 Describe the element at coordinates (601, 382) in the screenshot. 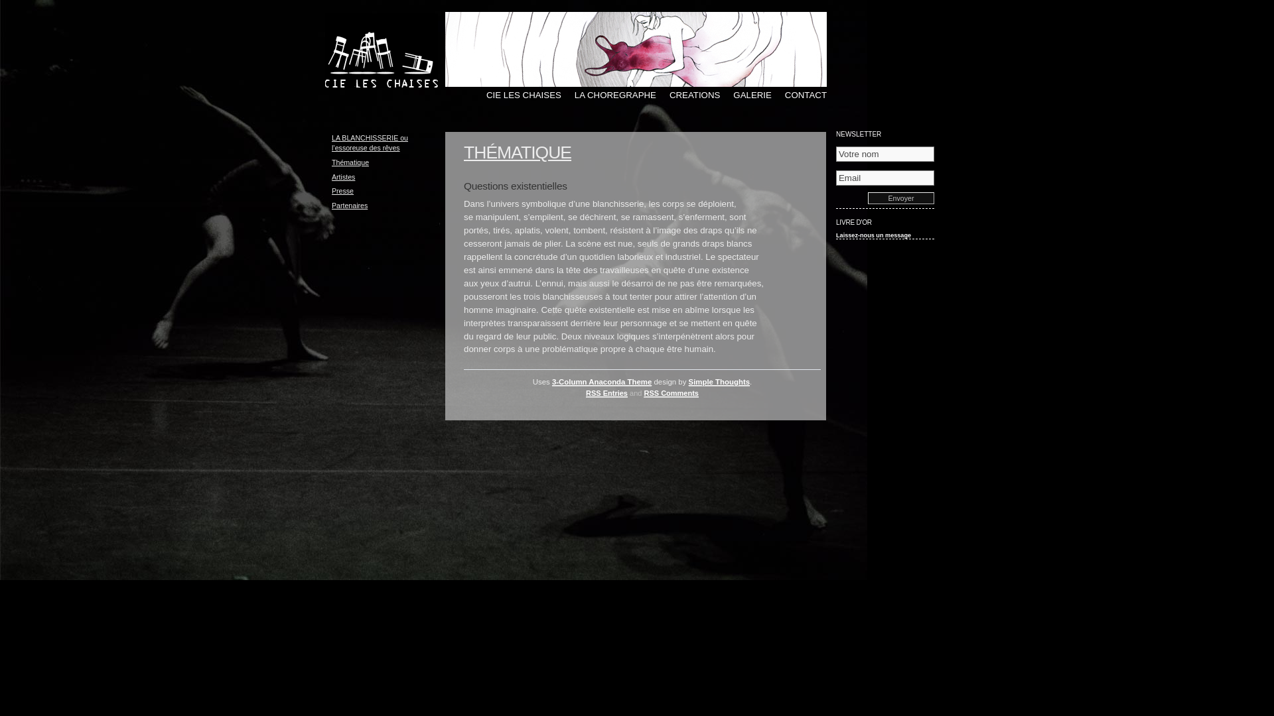

I see `'3-Column Anaconda Theme'` at that location.